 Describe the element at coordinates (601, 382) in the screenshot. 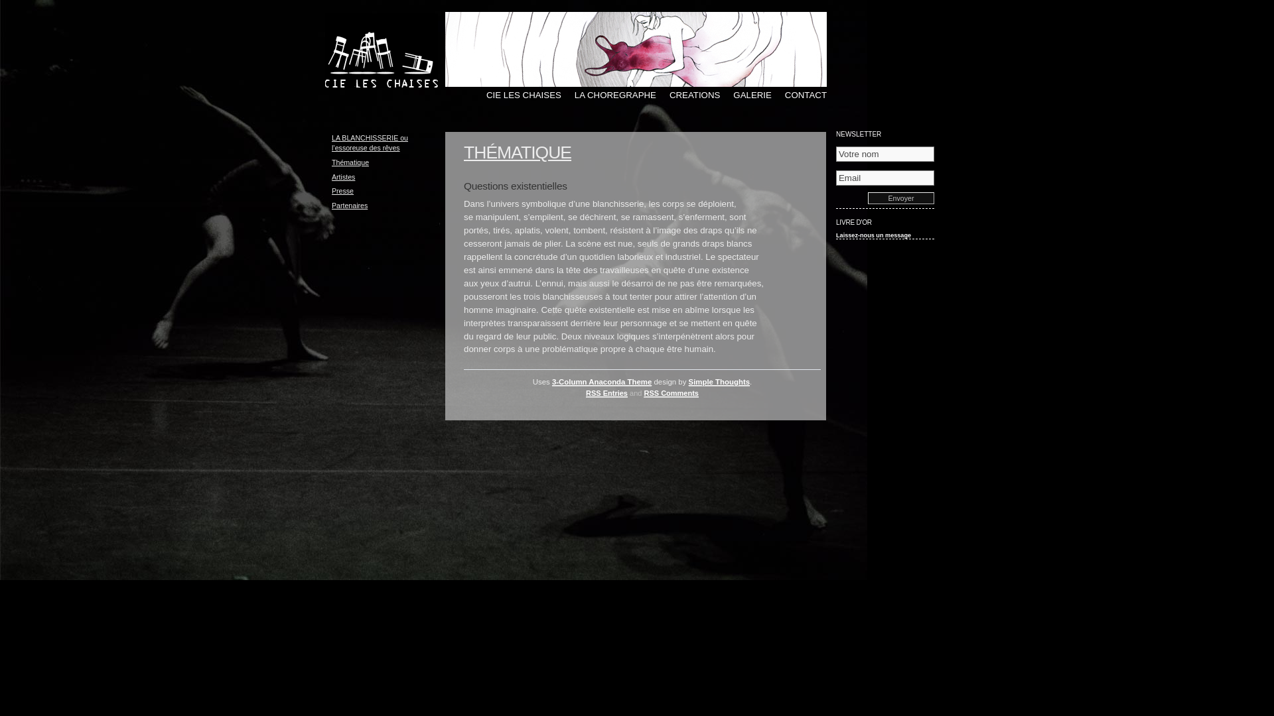

I see `'3-Column Anaconda Theme'` at that location.